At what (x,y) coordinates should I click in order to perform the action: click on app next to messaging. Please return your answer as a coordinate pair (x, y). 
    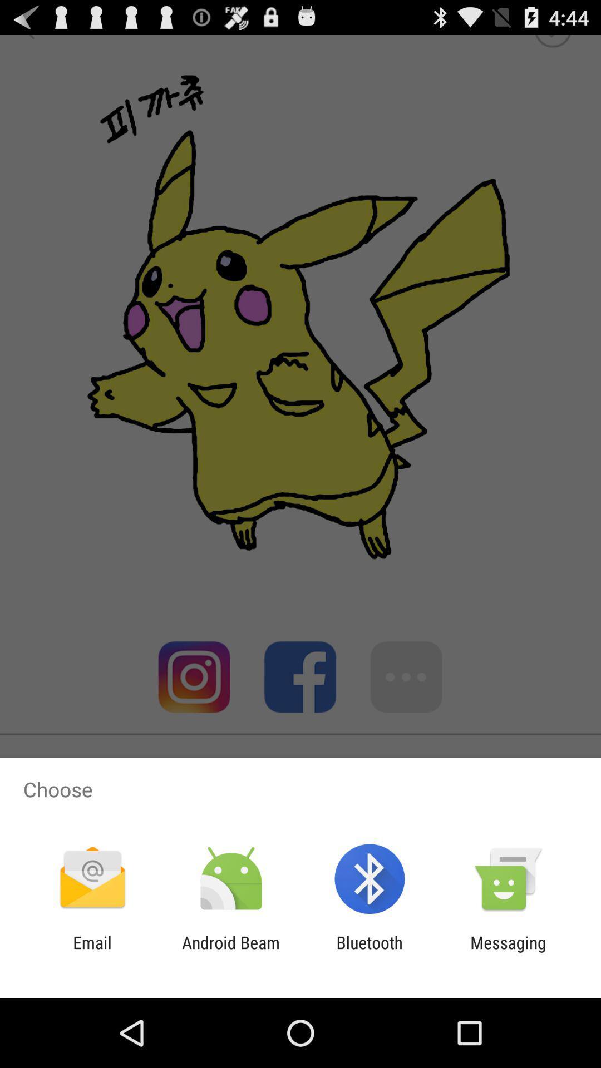
    Looking at the image, I should click on (370, 952).